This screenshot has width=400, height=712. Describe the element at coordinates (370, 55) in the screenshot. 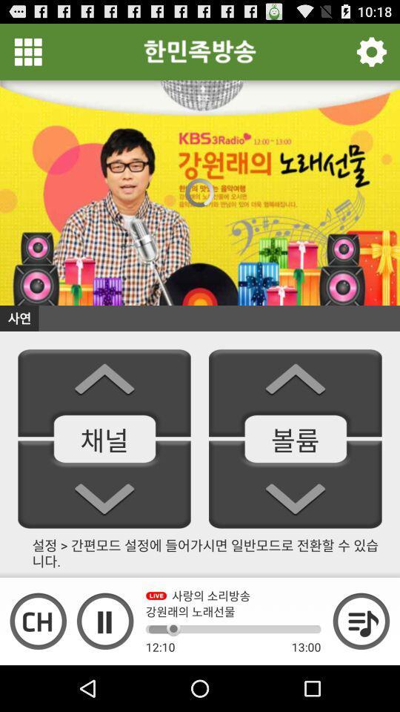

I see `the settings icon` at that location.